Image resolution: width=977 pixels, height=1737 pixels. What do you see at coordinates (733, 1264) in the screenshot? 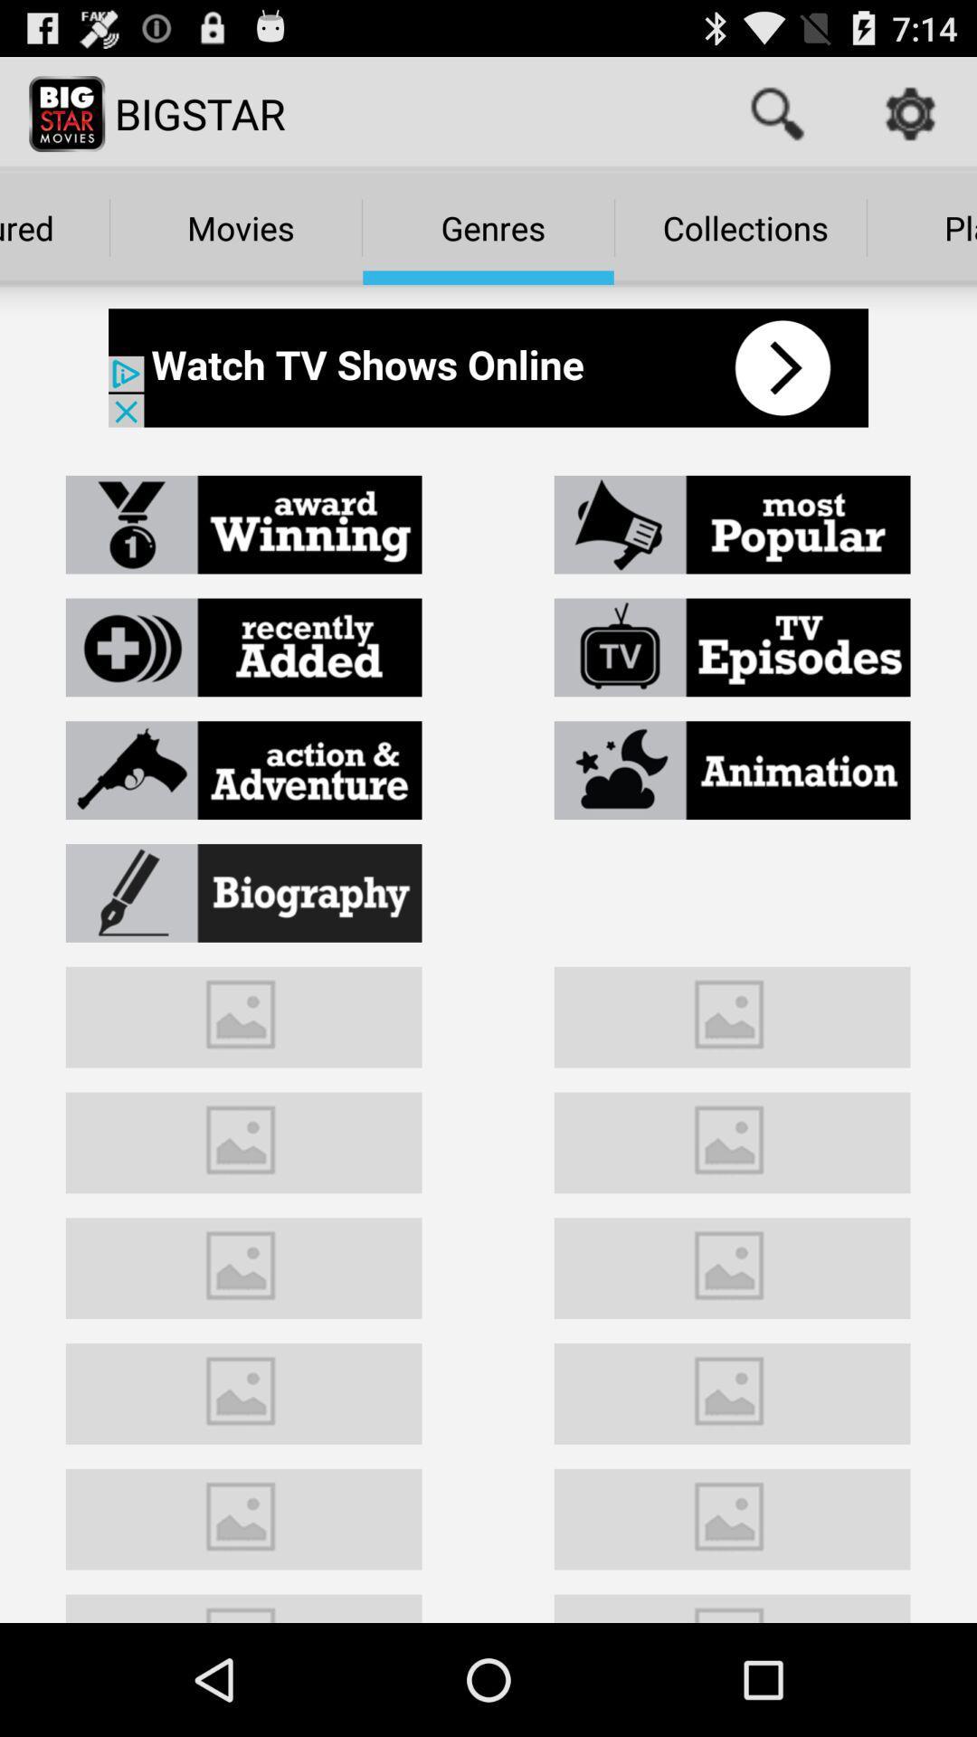
I see `the third image below animation` at bounding box center [733, 1264].